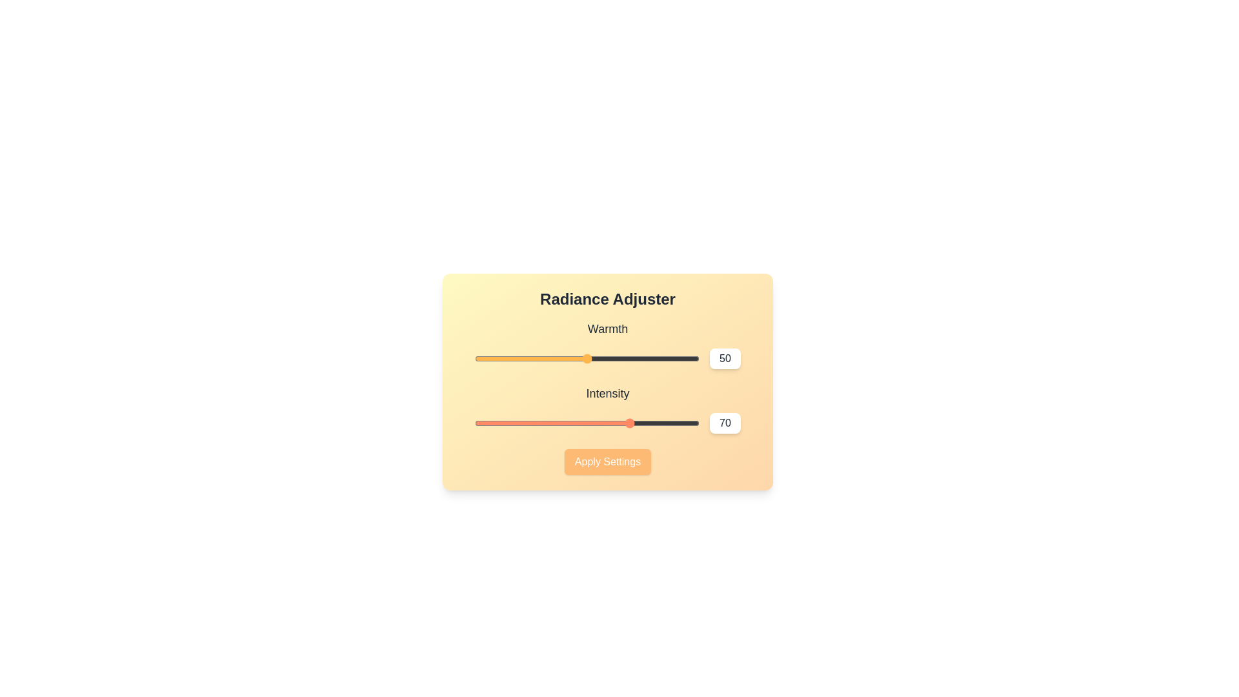 The height and width of the screenshot is (697, 1239). I want to click on the 'Intensity' slider to 54 value, so click(595, 423).